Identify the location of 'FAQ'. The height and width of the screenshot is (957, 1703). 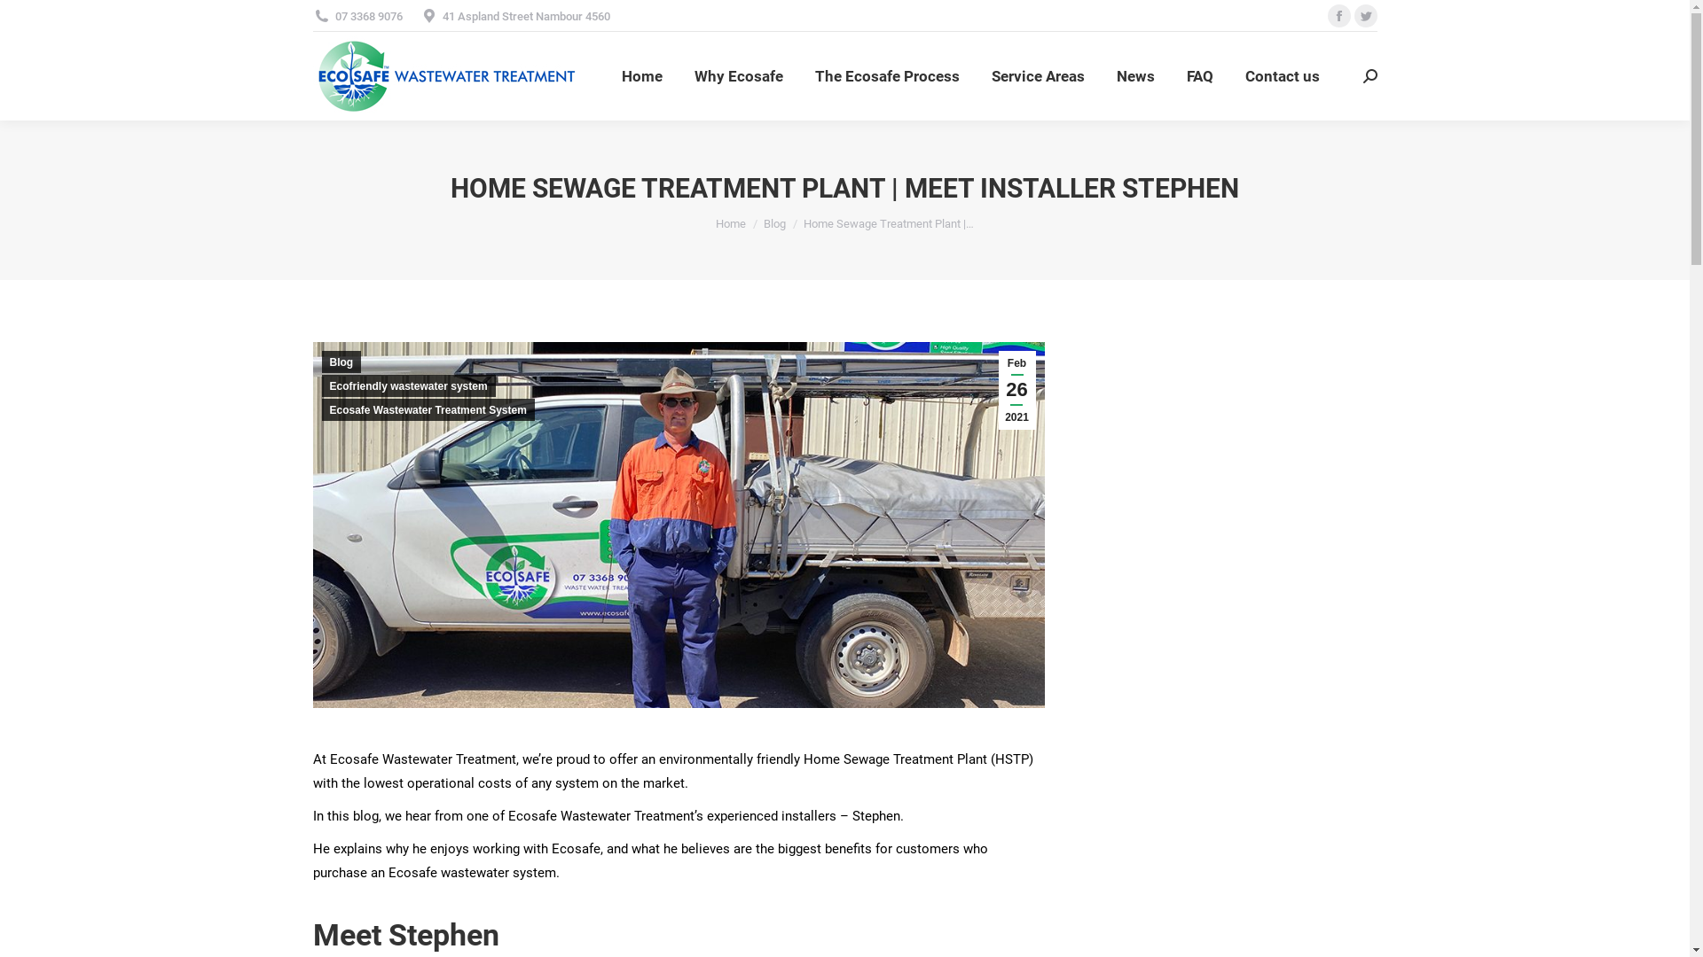
(1200, 74).